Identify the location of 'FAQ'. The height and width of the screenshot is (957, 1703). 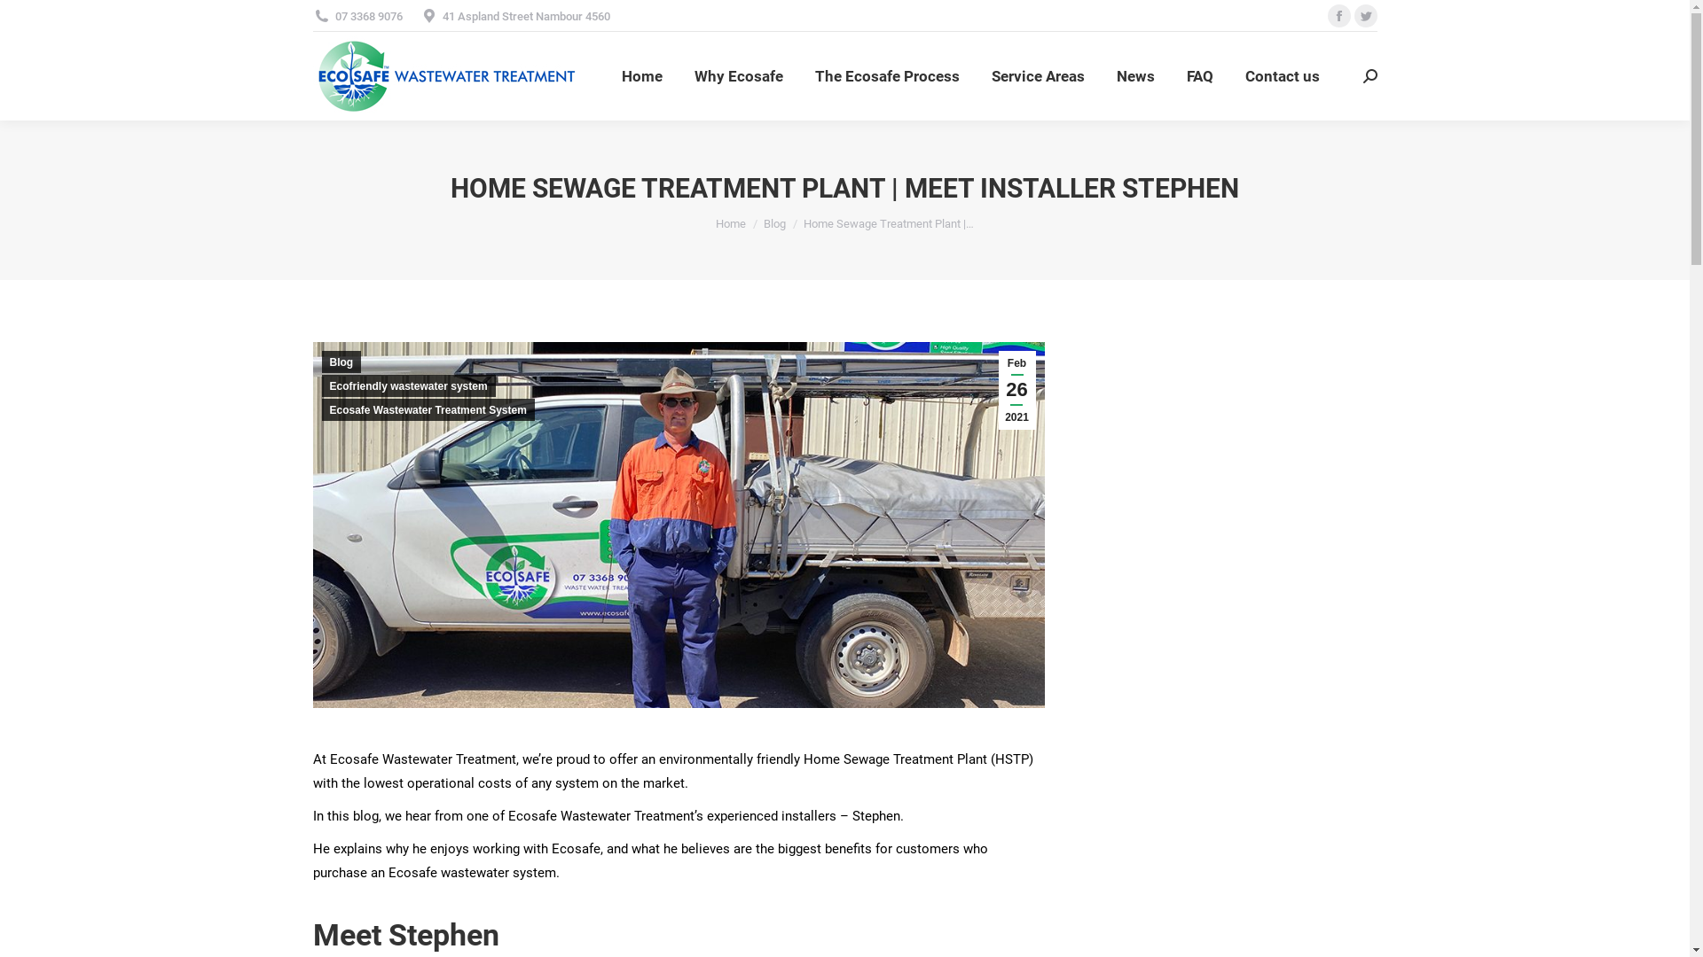
(1200, 74).